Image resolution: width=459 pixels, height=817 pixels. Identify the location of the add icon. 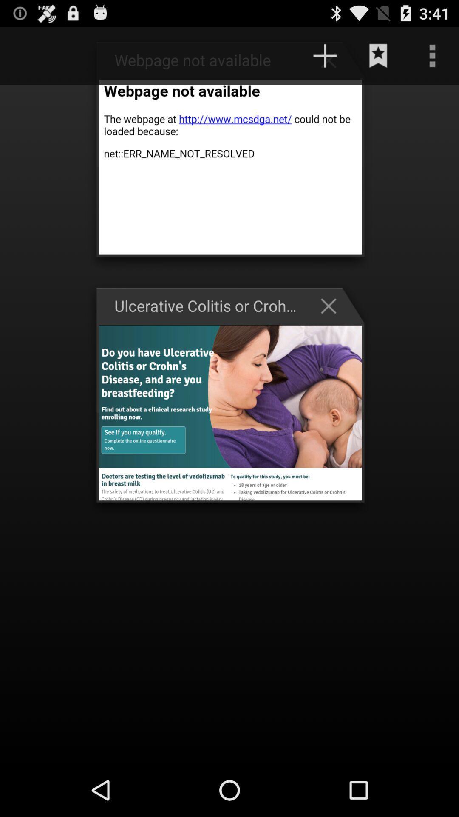
(332, 63).